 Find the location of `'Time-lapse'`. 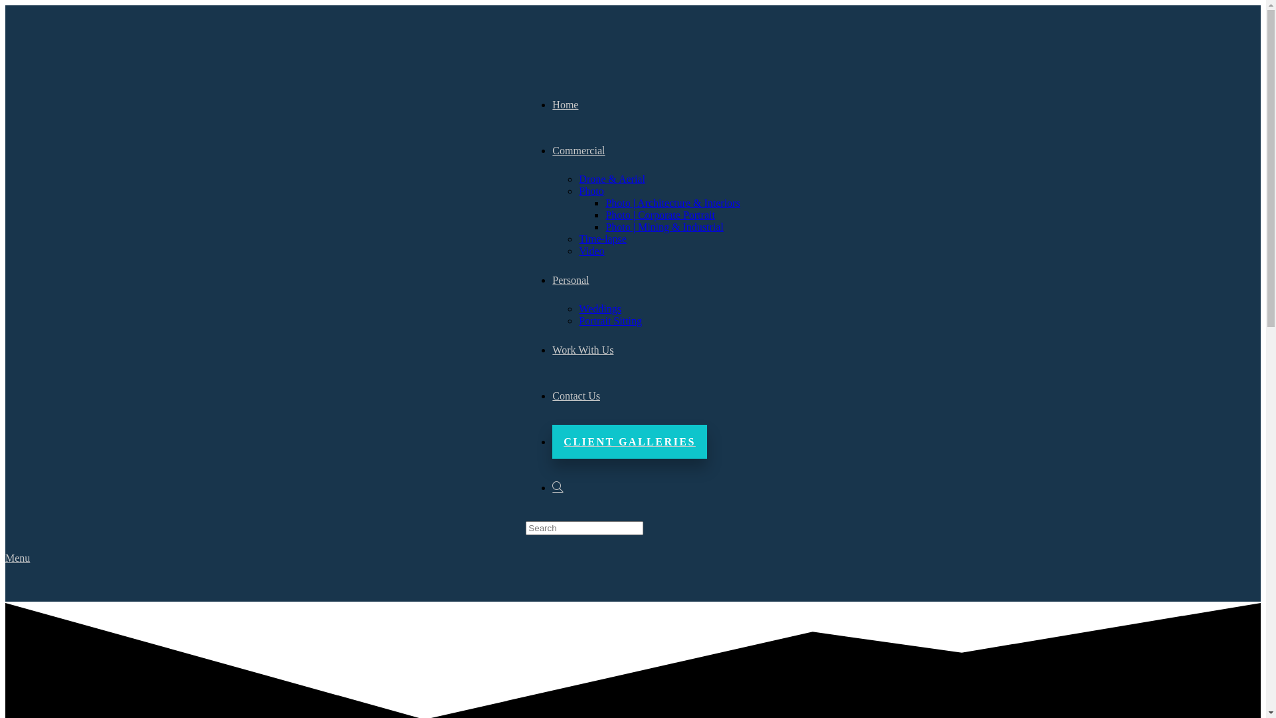

'Time-lapse' is located at coordinates (601, 238).